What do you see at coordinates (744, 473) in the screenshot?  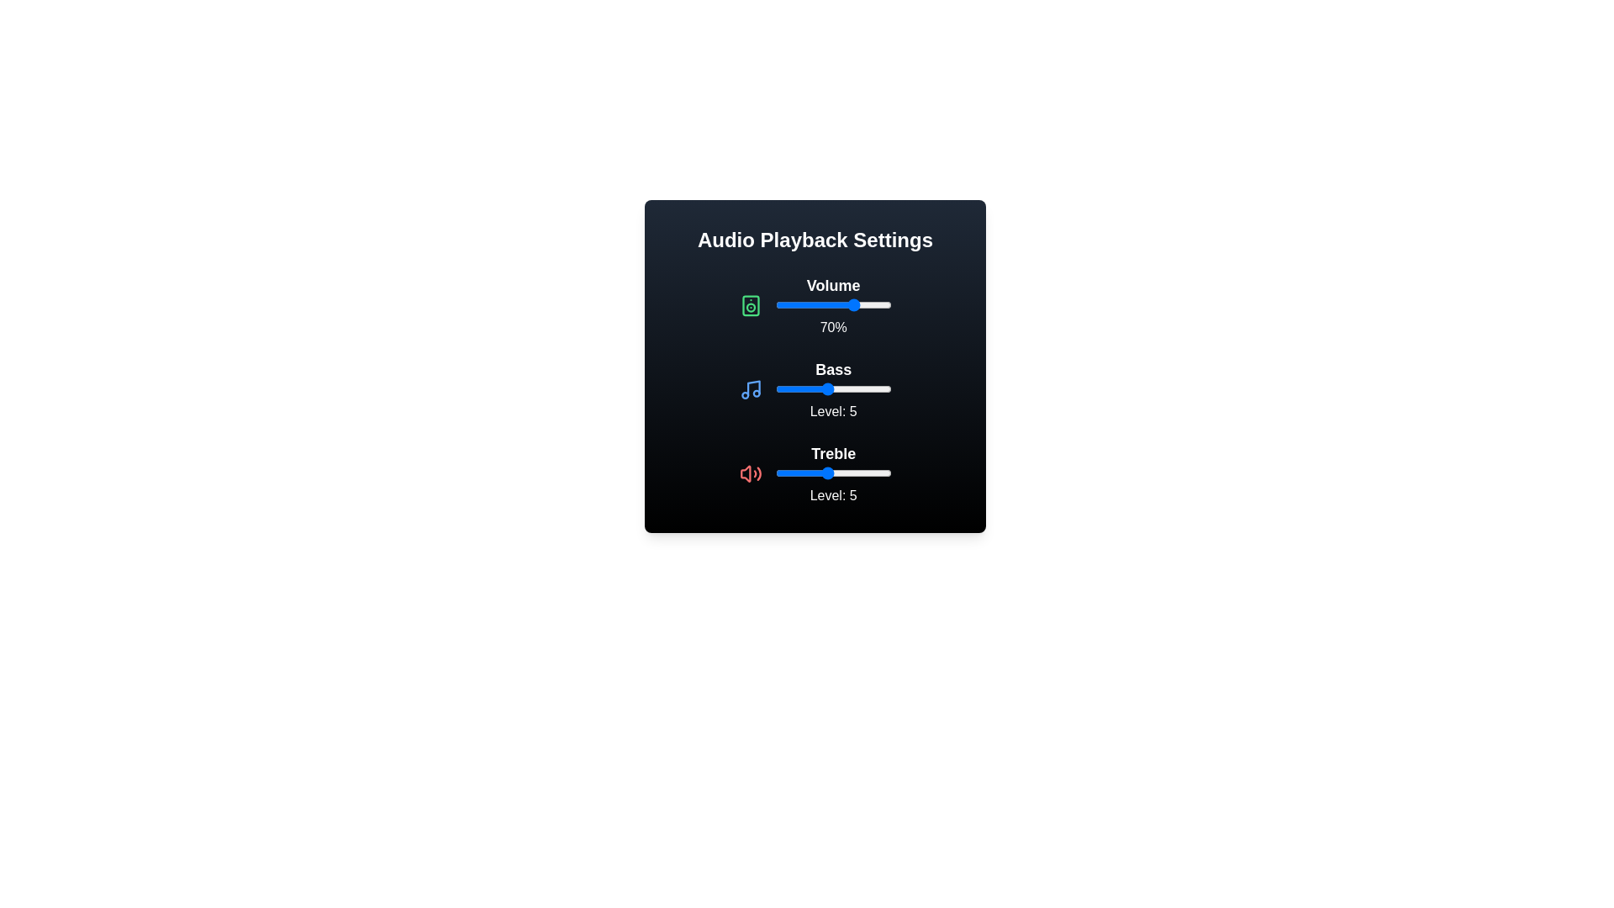 I see `the speaker icon located in the bottom-left quadrant of the 'Audio Playback Settings' panel for further interaction` at bounding box center [744, 473].